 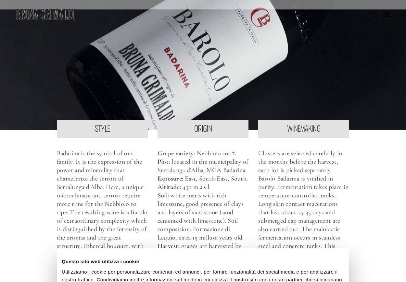 What do you see at coordinates (157, 186) in the screenshot?
I see `'Altitude:'` at bounding box center [157, 186].